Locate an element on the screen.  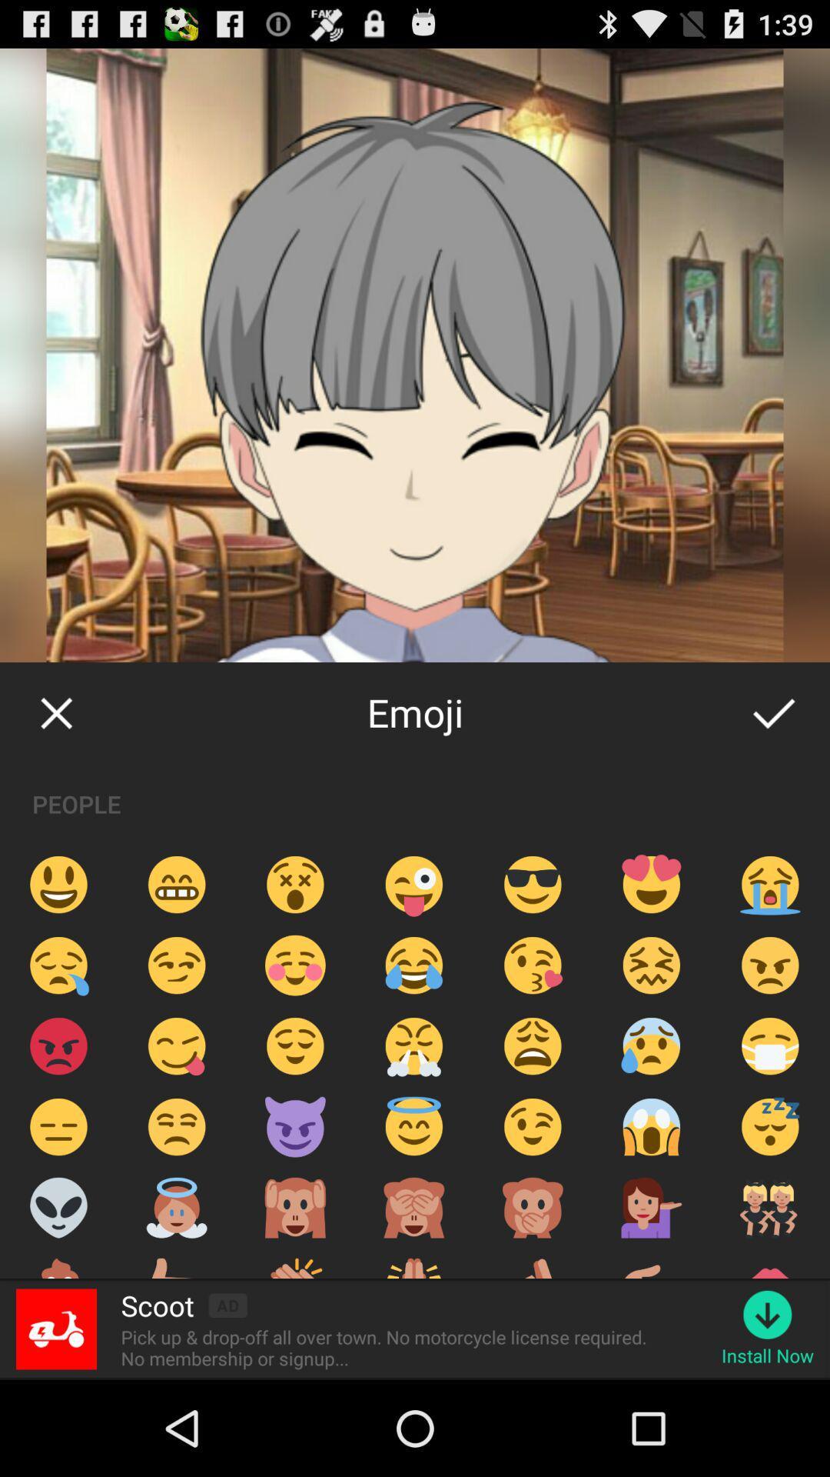
icon to the left of emoji is located at coordinates (55, 712).